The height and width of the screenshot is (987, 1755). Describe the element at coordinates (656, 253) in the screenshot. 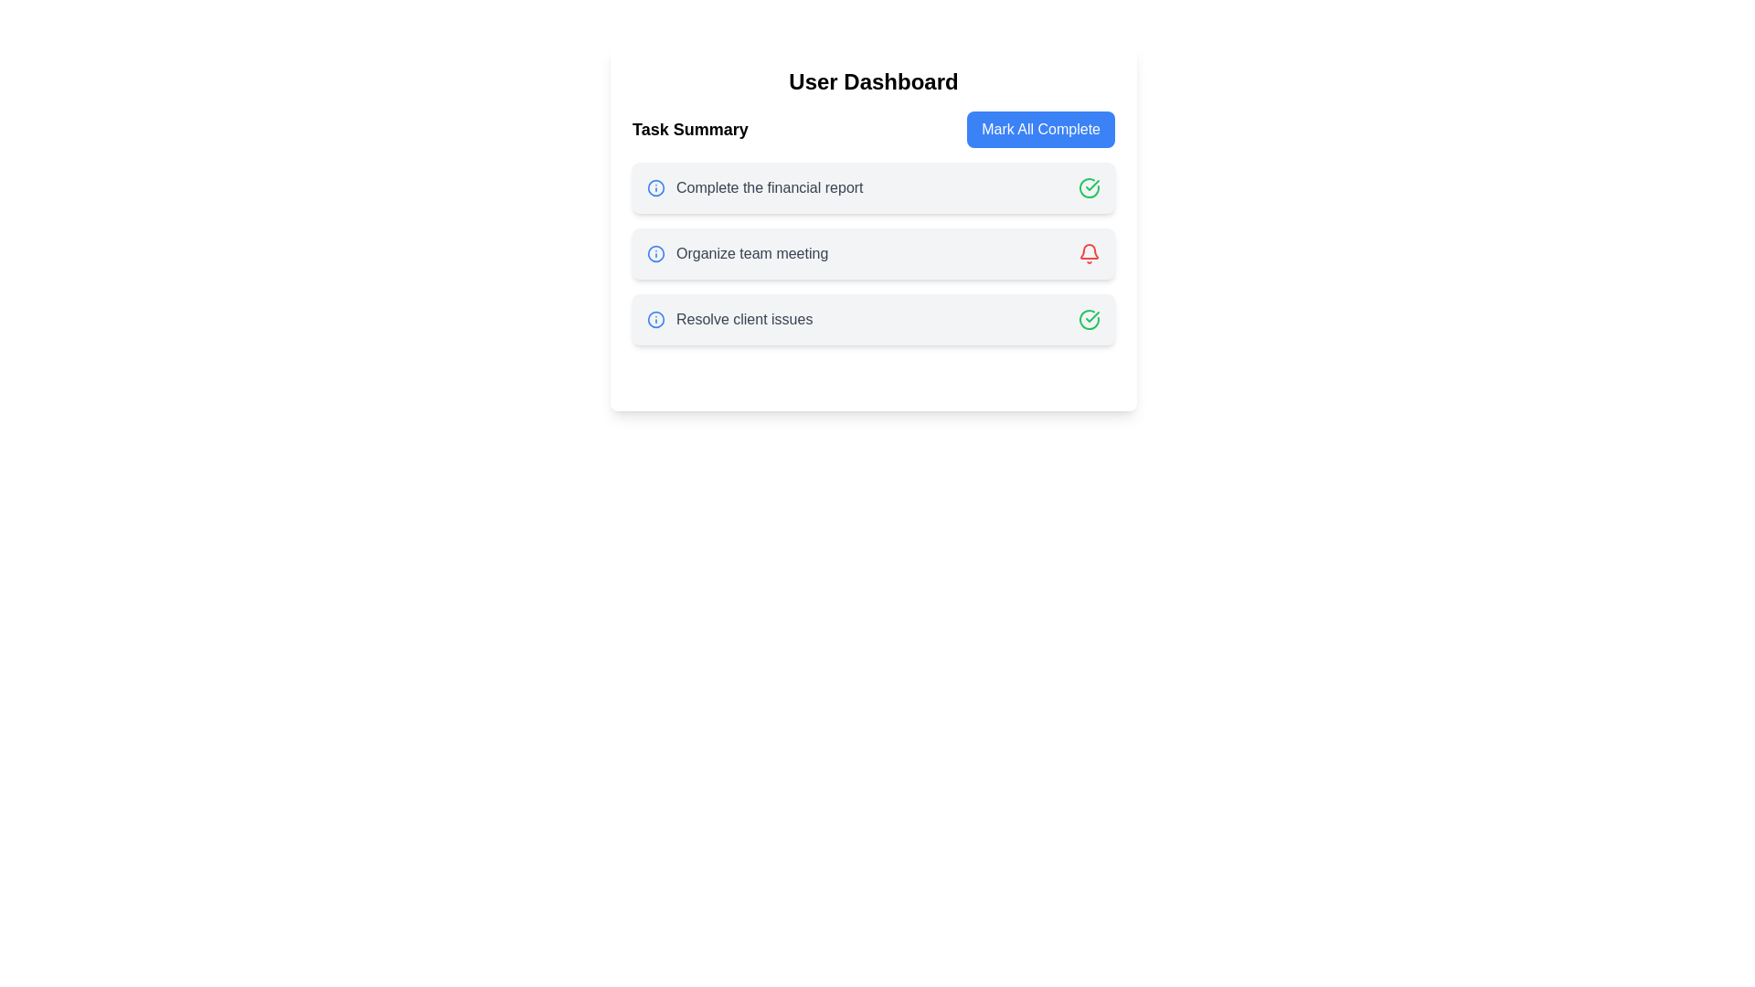

I see `the blue-shaded circular icon representing the center of a graphical representation, which is adjacent to the text 'Organize team meeting'` at that location.